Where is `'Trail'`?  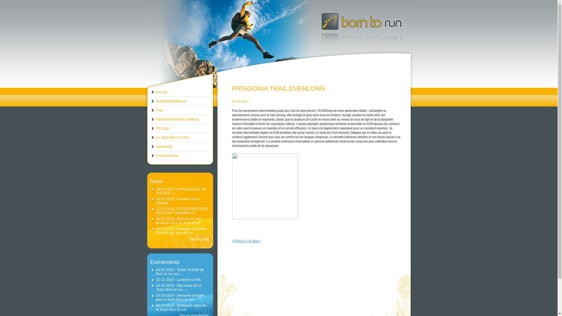 'Trail' is located at coordinates (150, 110).